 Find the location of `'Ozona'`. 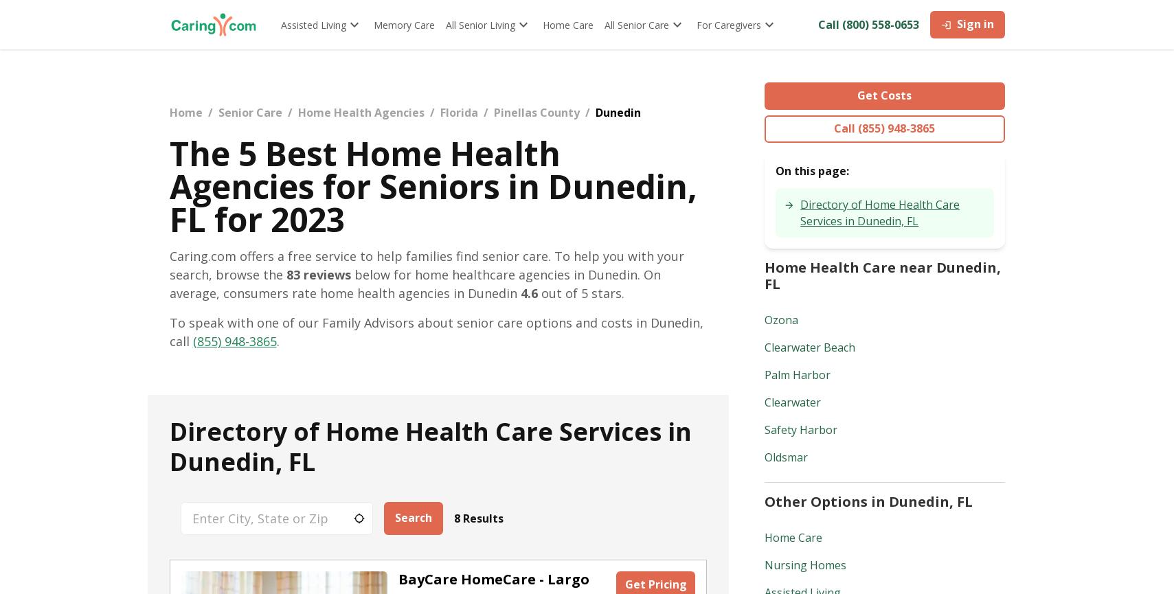

'Ozona' is located at coordinates (781, 319).